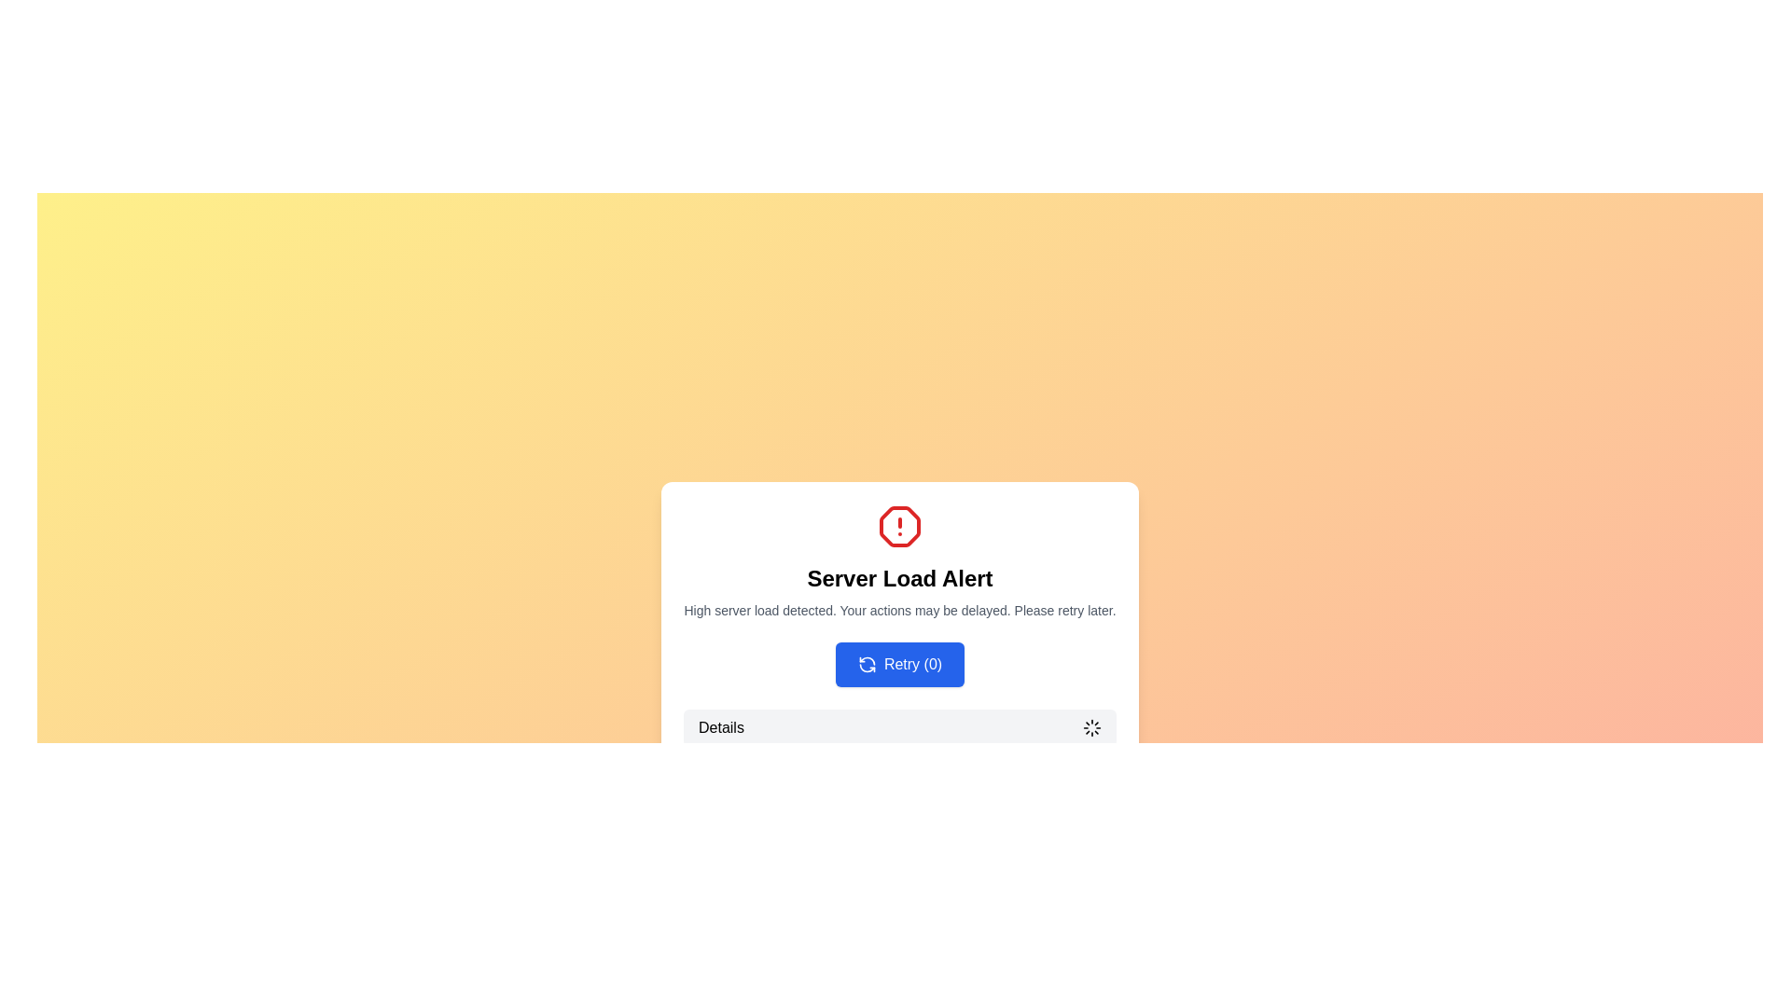 The height and width of the screenshot is (1007, 1791). What do you see at coordinates (899, 526) in the screenshot?
I see `the alert icon located at the top center of the notification card that represents a 'Server Load Alert'` at bounding box center [899, 526].